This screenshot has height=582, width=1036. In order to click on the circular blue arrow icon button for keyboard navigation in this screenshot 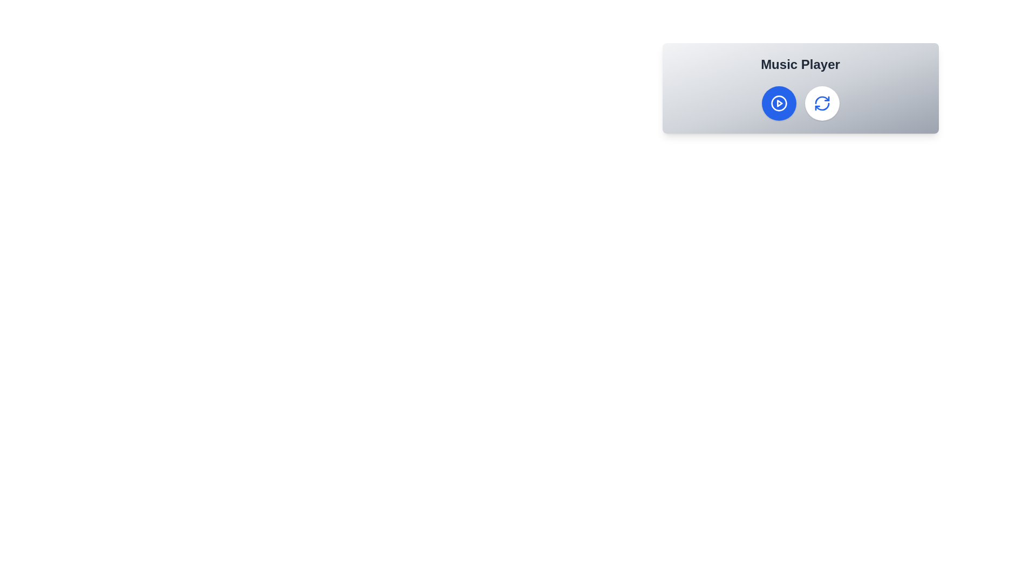, I will do `click(821, 103)`.